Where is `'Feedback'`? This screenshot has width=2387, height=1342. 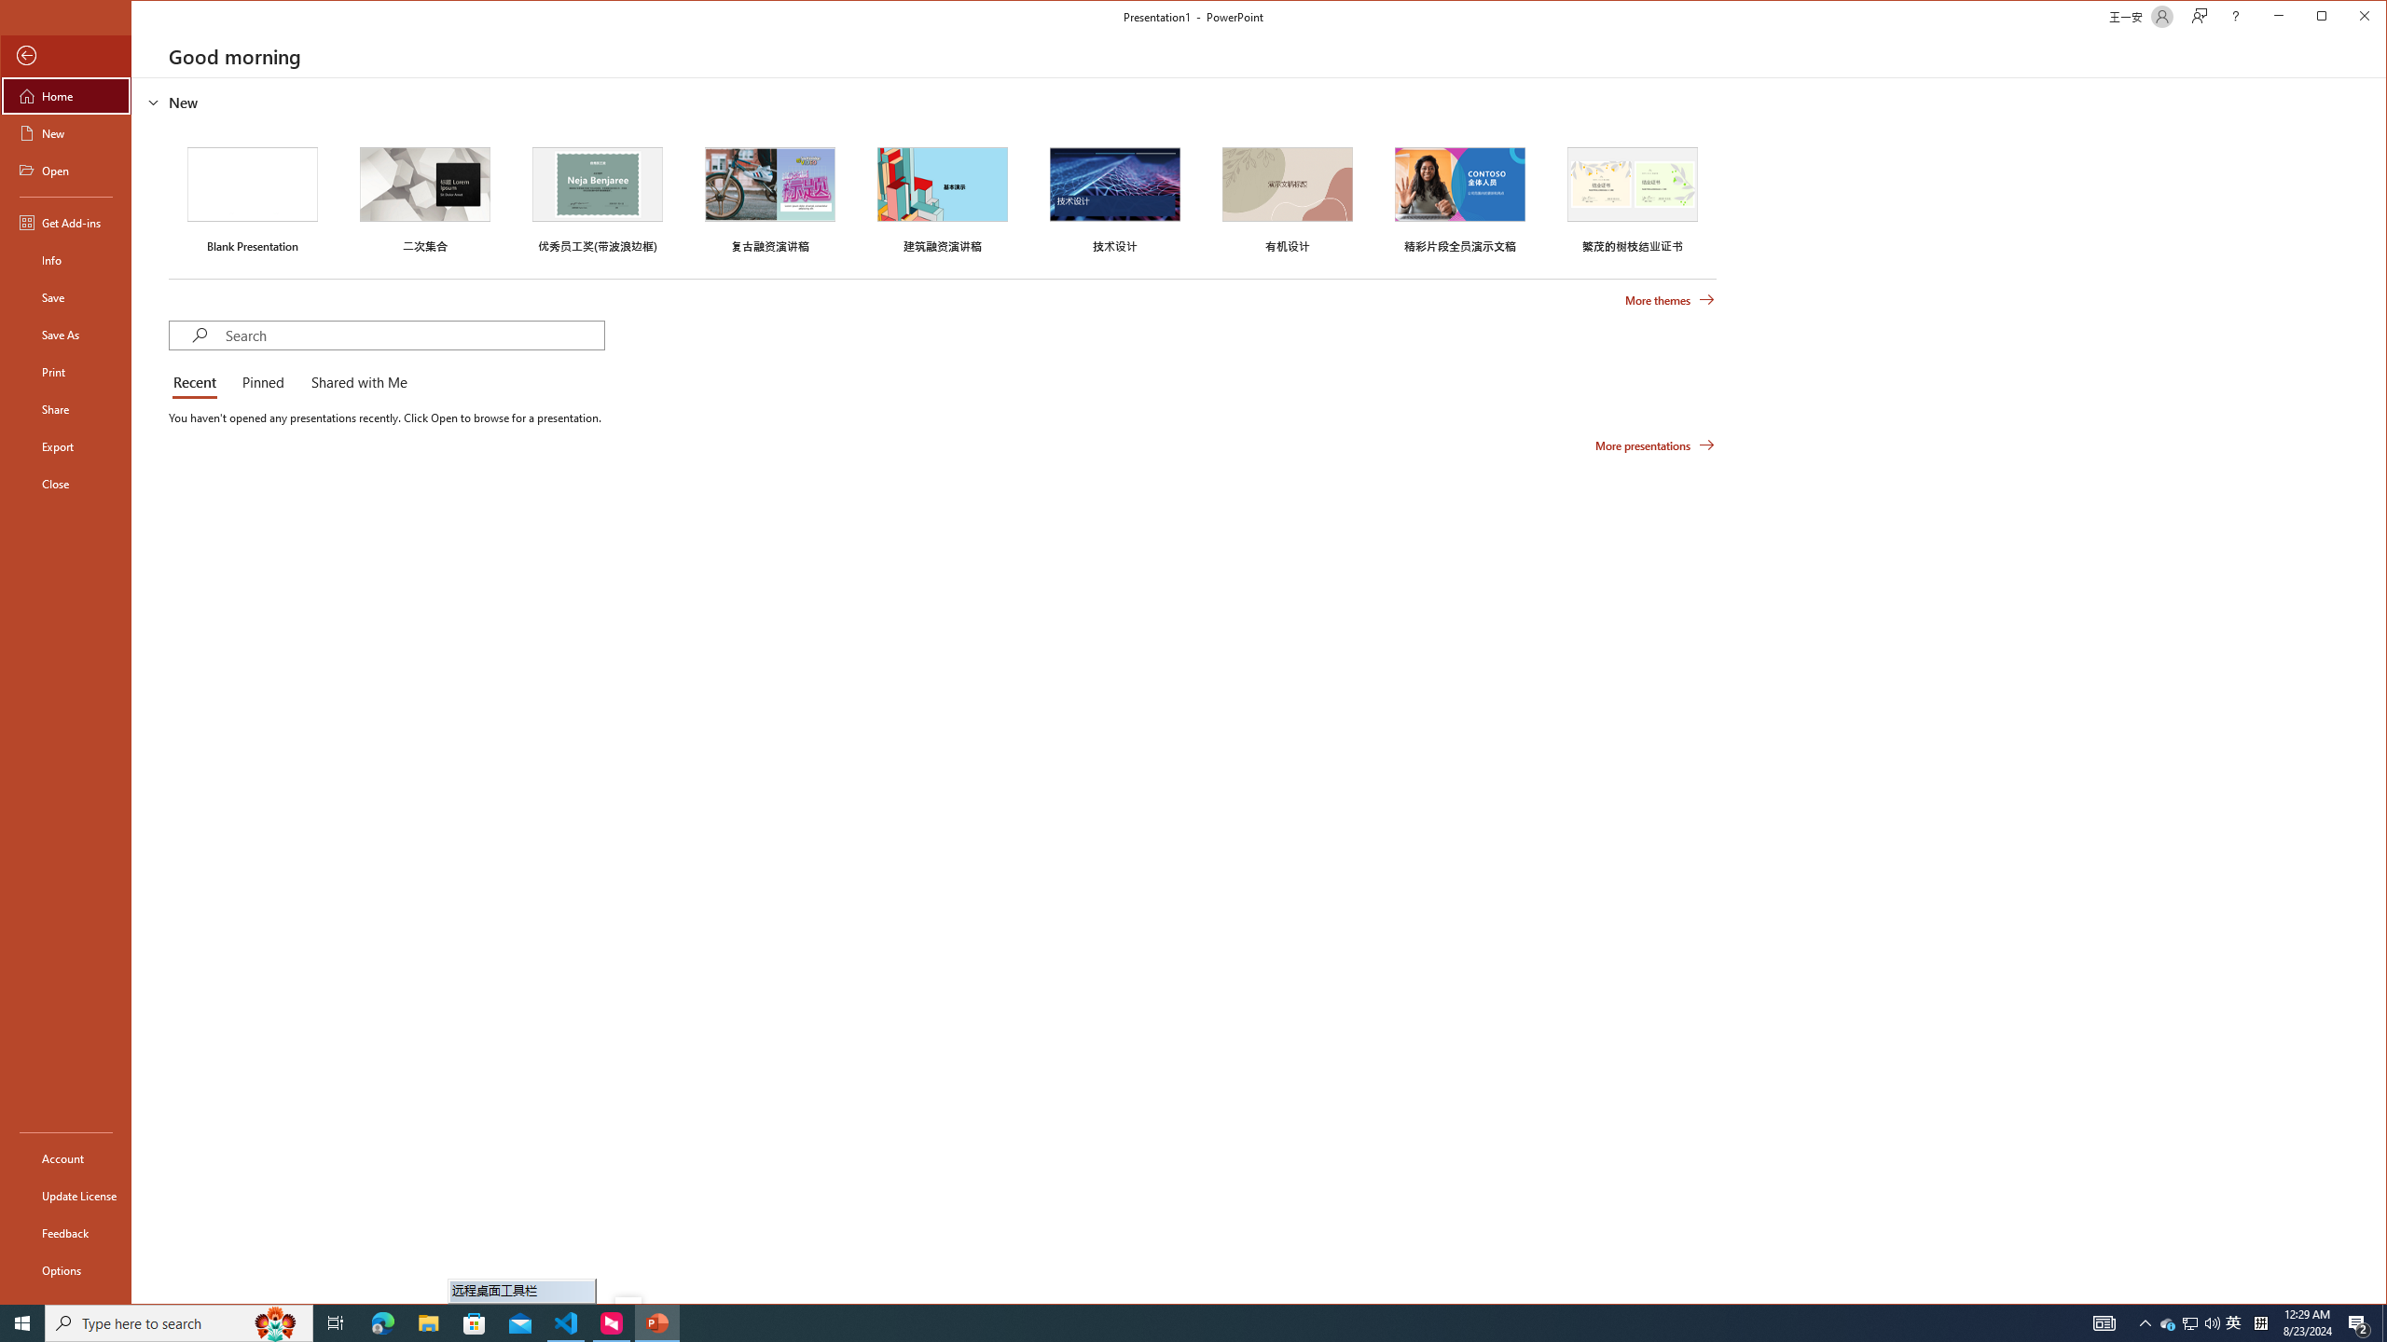
'Feedback' is located at coordinates (64, 1232).